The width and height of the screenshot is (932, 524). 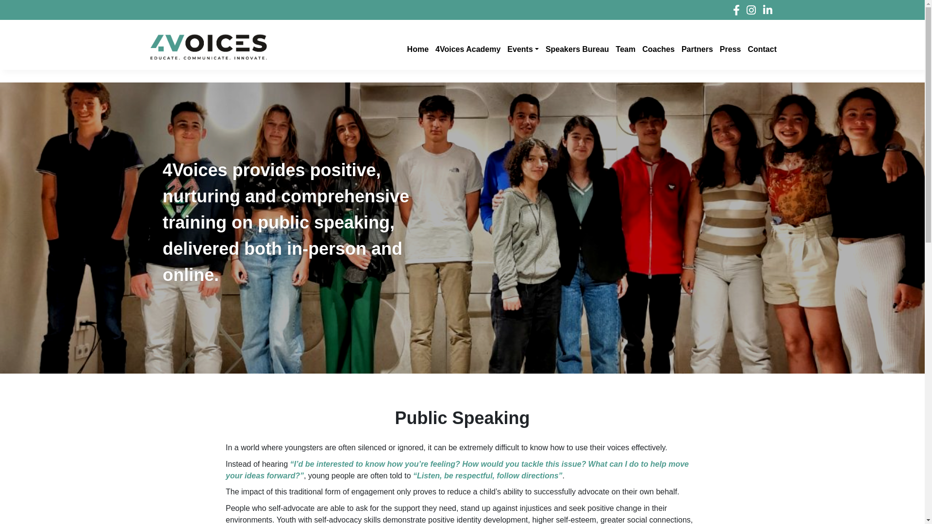 What do you see at coordinates (576, 47) in the screenshot?
I see `'Speakers Bureau'` at bounding box center [576, 47].